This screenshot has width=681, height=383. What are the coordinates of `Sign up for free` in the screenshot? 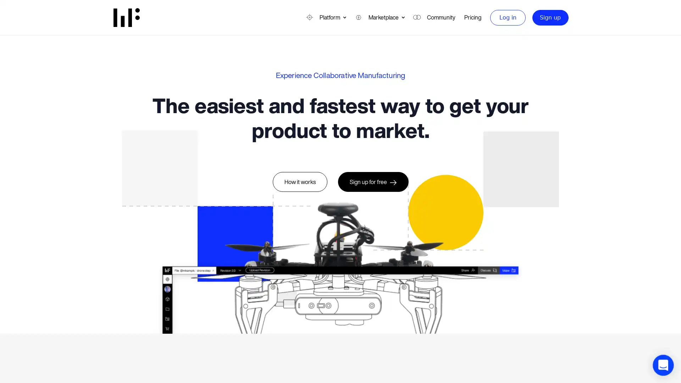 It's located at (372, 181).